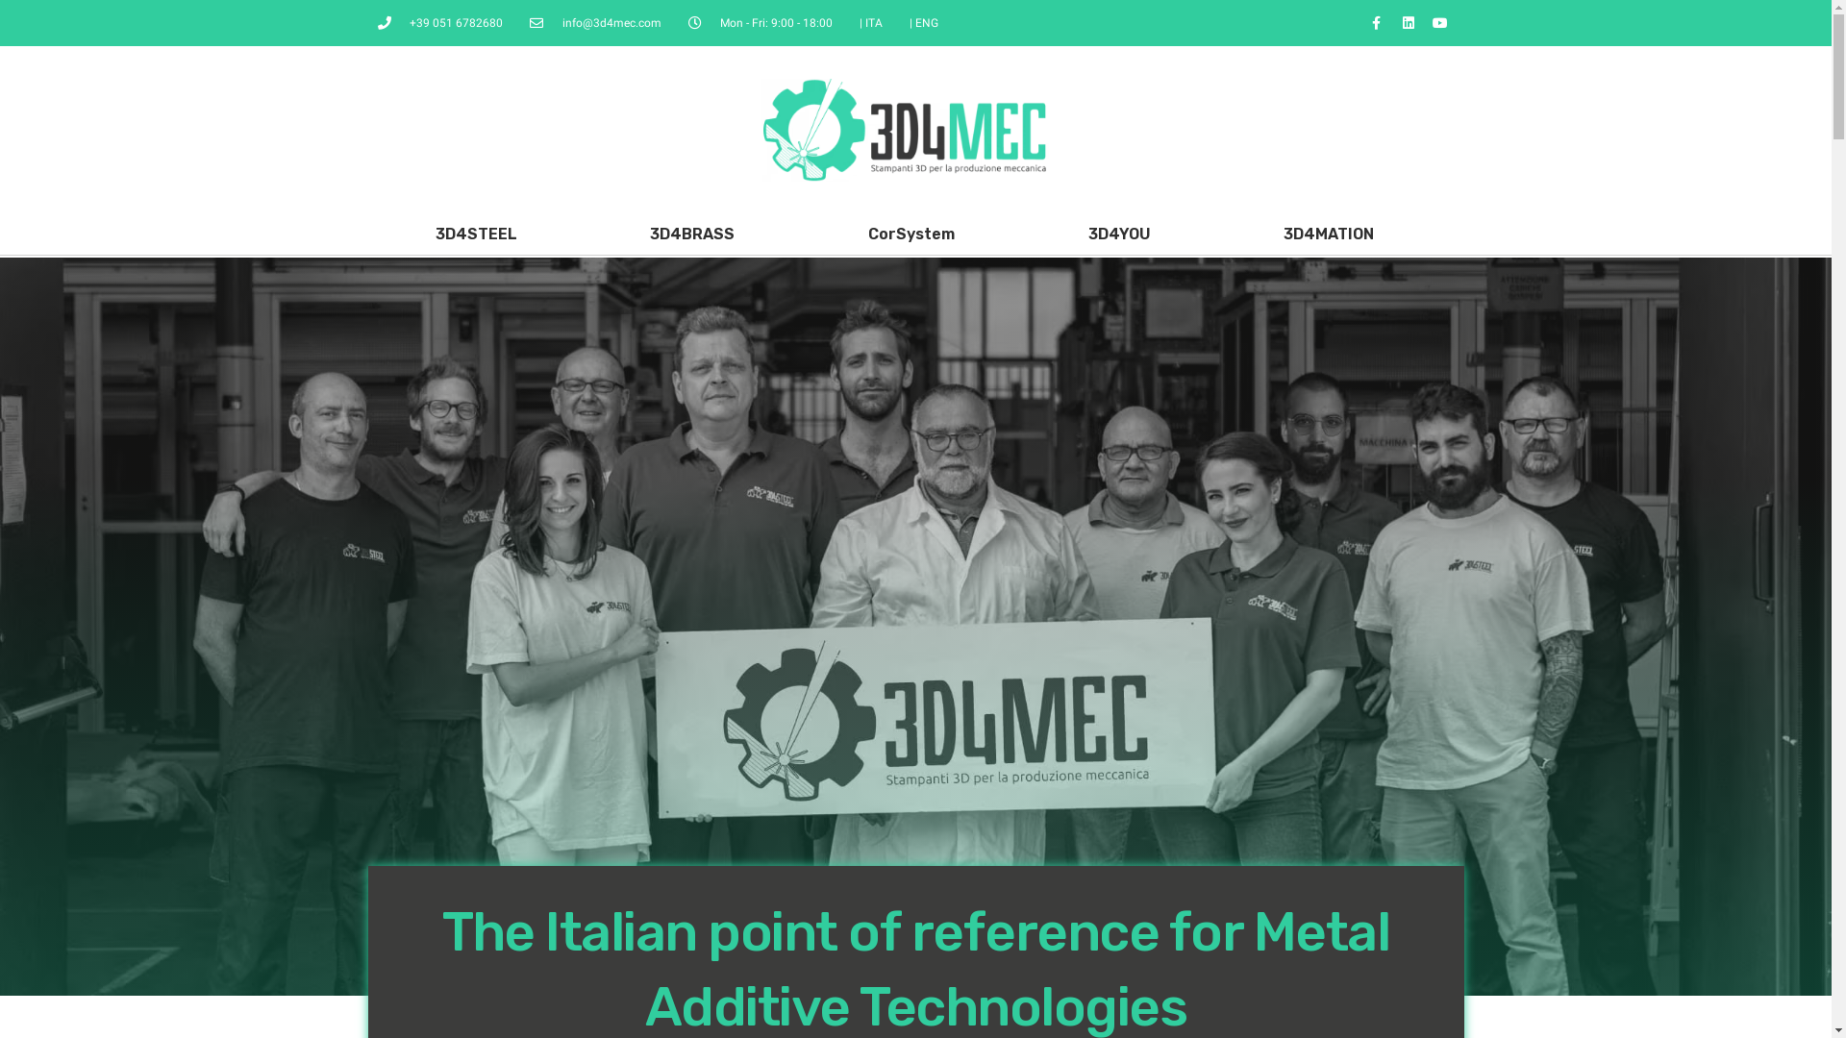 The image size is (1846, 1038). Describe the element at coordinates (1118, 233) in the screenshot. I see `'3D4YOU'` at that location.